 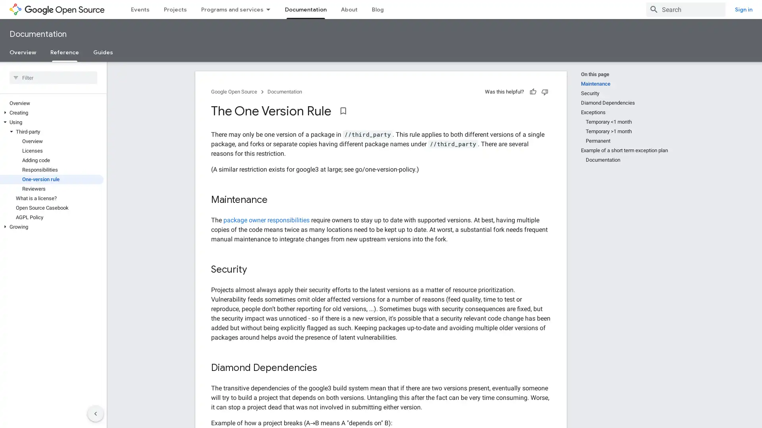 What do you see at coordinates (533, 91) in the screenshot?
I see `Helpful` at bounding box center [533, 91].